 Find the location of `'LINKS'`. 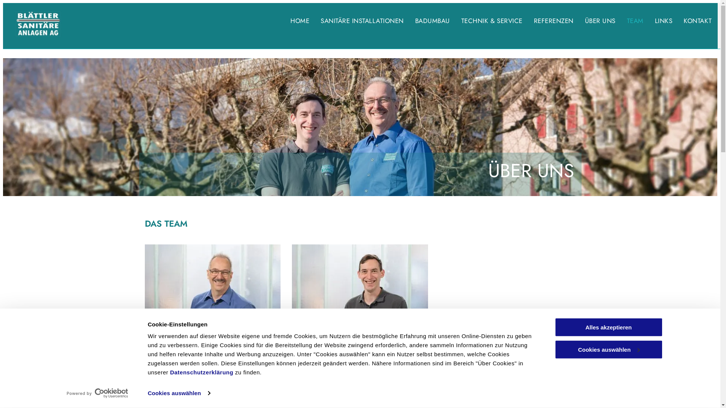

'LINKS' is located at coordinates (655, 21).